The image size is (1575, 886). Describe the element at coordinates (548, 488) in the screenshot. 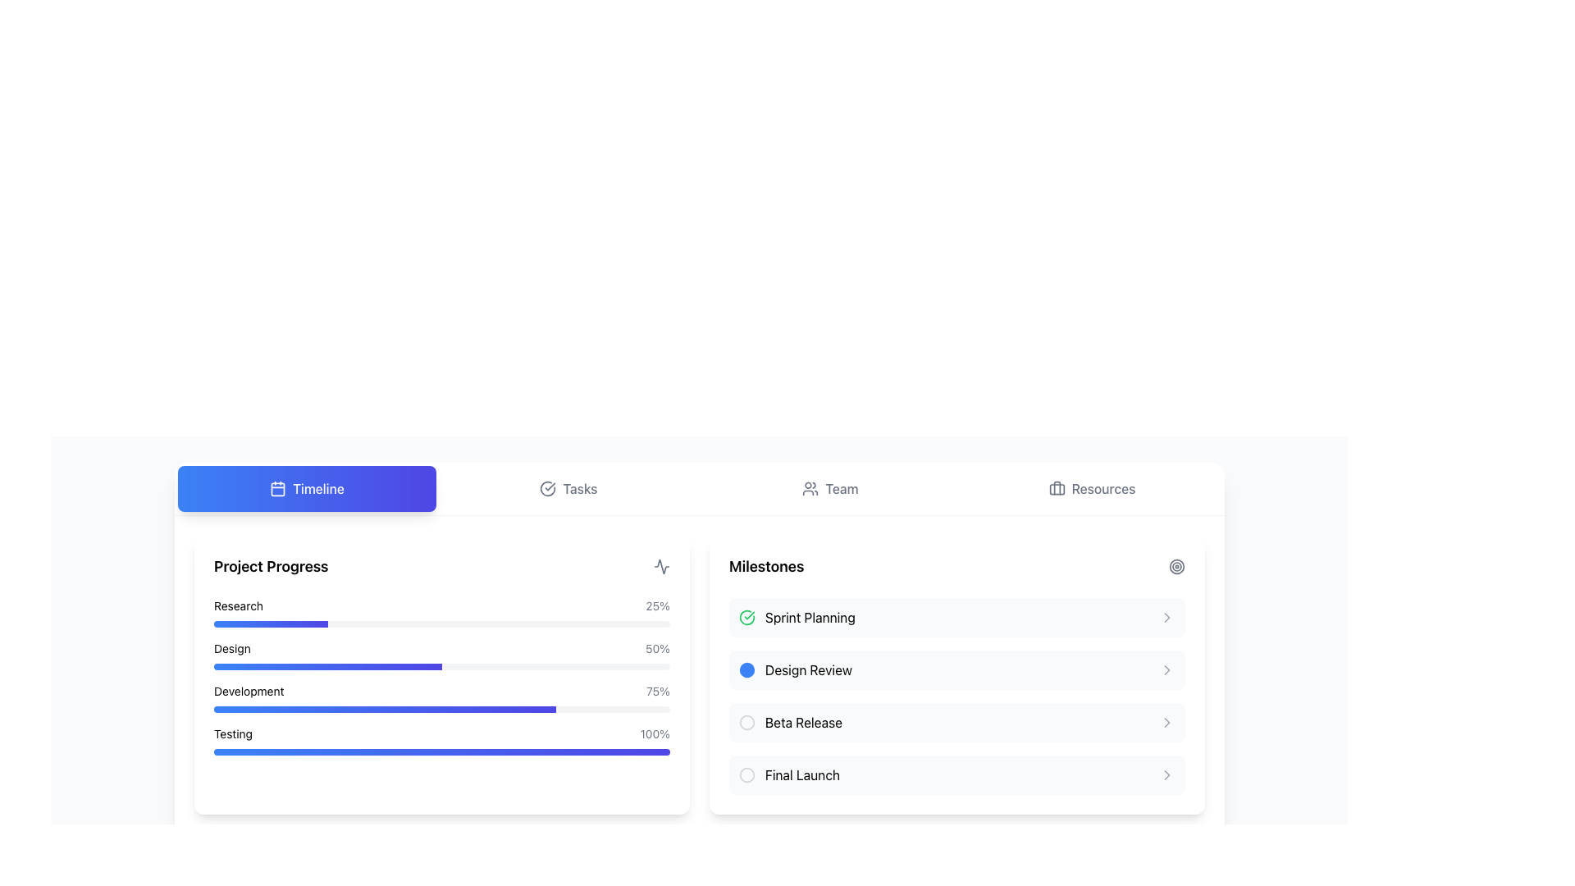

I see `the circular icon with a check mark that is located to the left of the 'Tasks' label in the navigation bar` at that location.